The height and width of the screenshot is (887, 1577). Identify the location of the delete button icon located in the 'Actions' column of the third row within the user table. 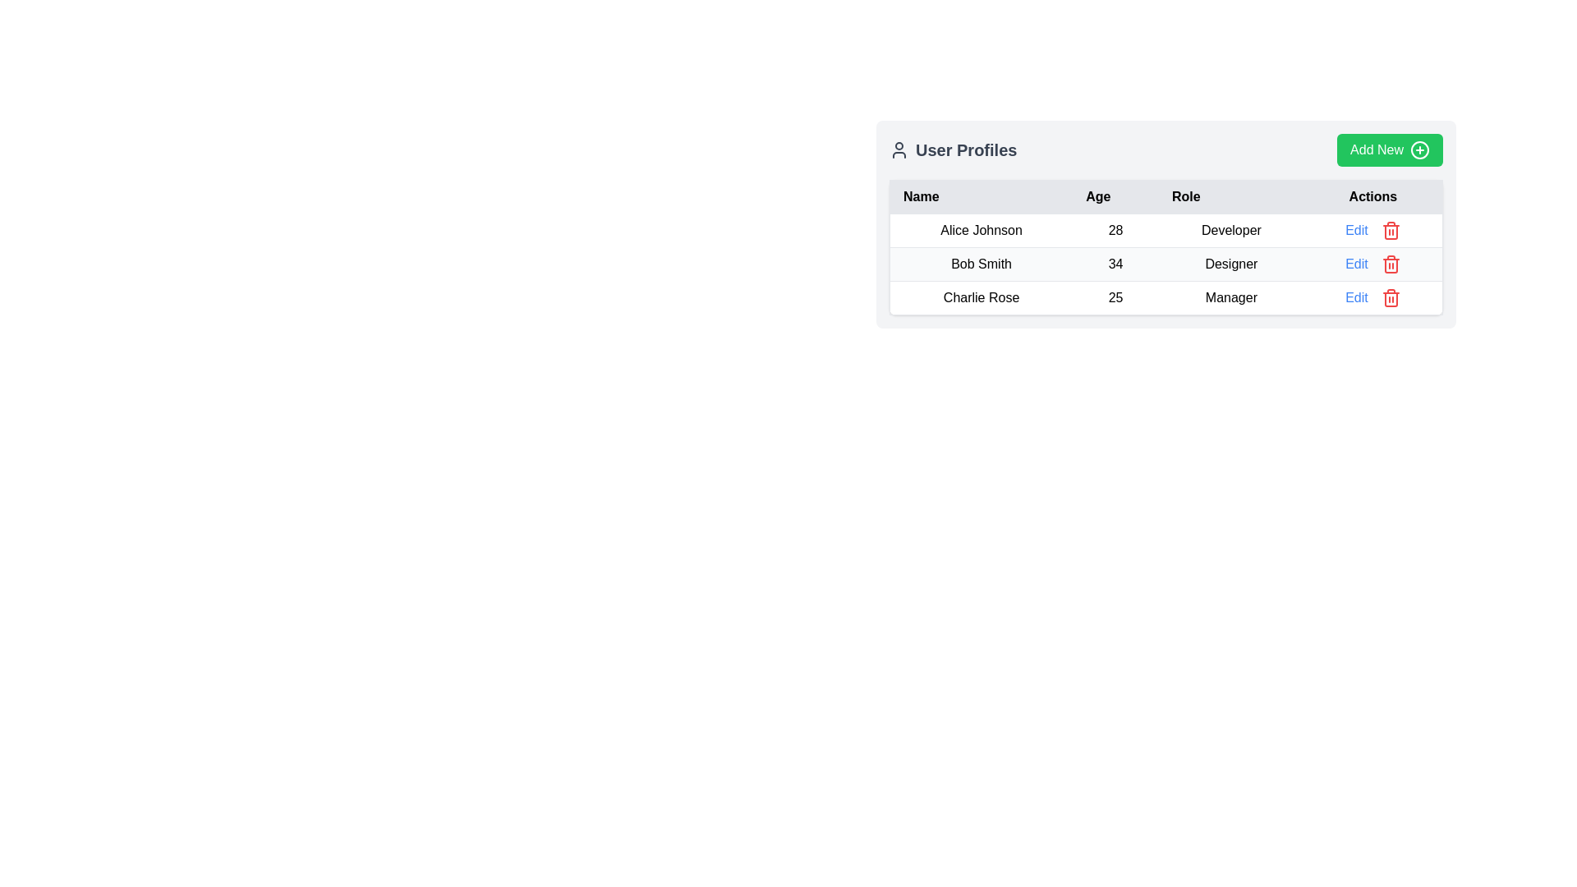
(1390, 231).